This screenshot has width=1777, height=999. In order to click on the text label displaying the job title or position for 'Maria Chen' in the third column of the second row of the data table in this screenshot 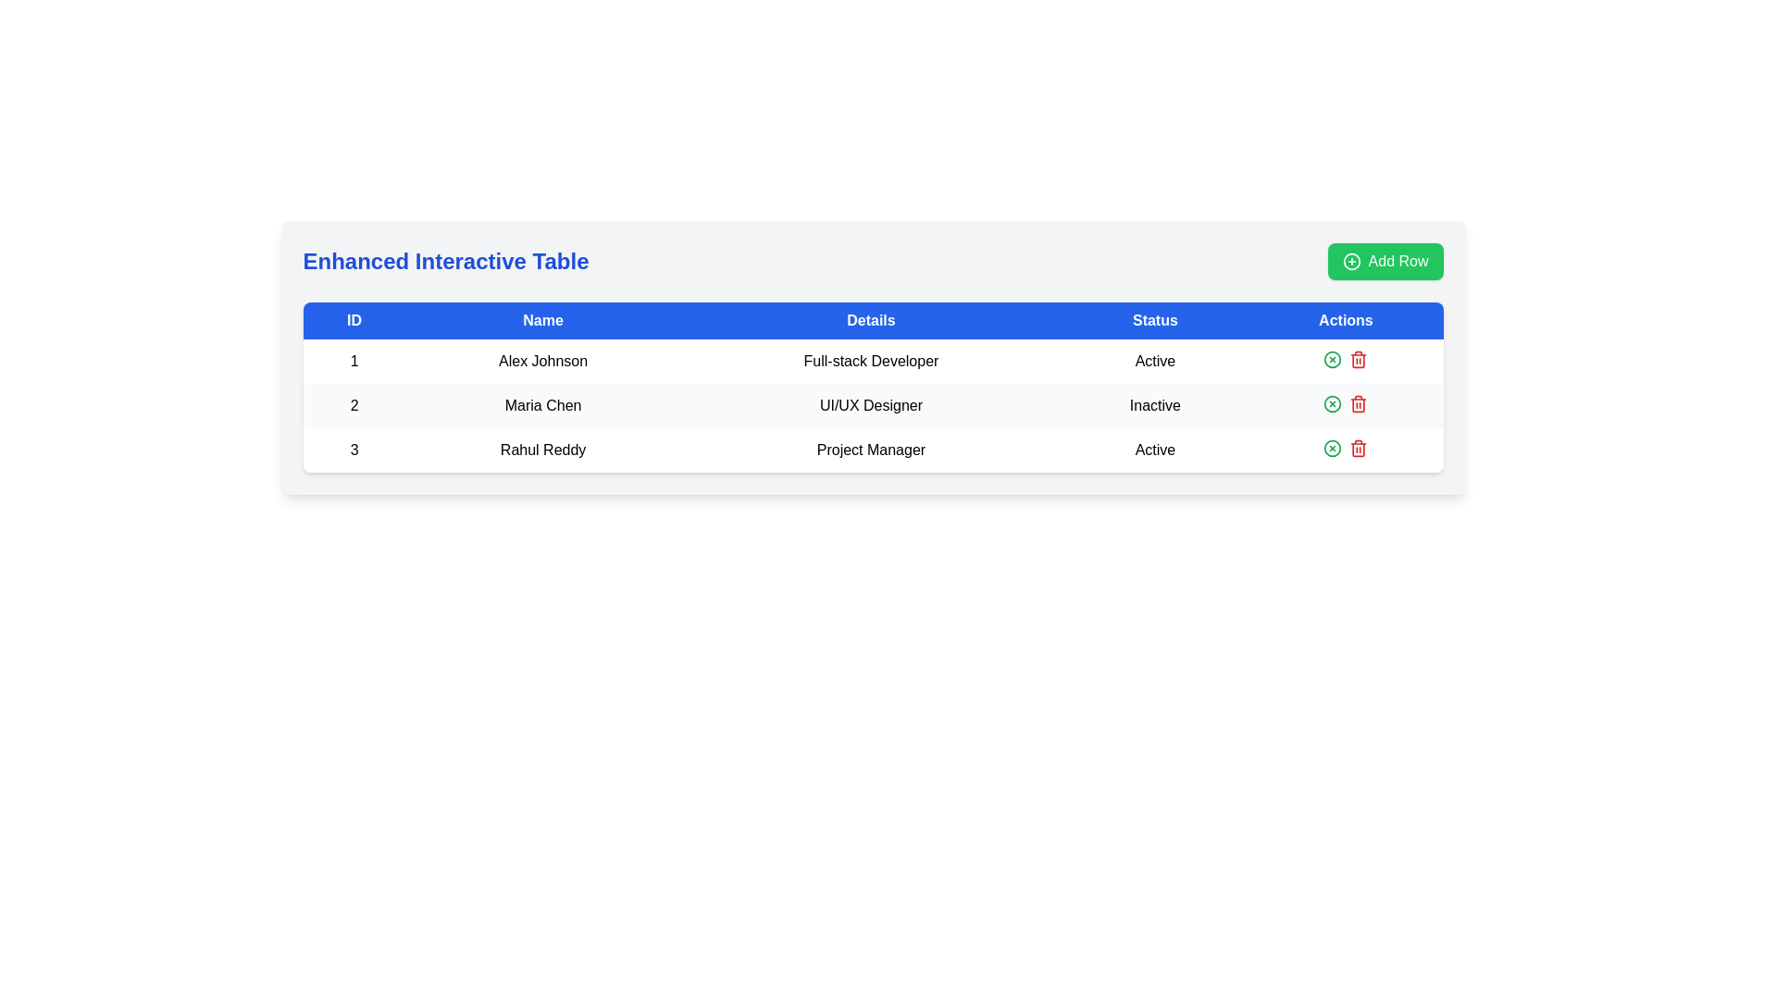, I will do `click(870, 405)`.